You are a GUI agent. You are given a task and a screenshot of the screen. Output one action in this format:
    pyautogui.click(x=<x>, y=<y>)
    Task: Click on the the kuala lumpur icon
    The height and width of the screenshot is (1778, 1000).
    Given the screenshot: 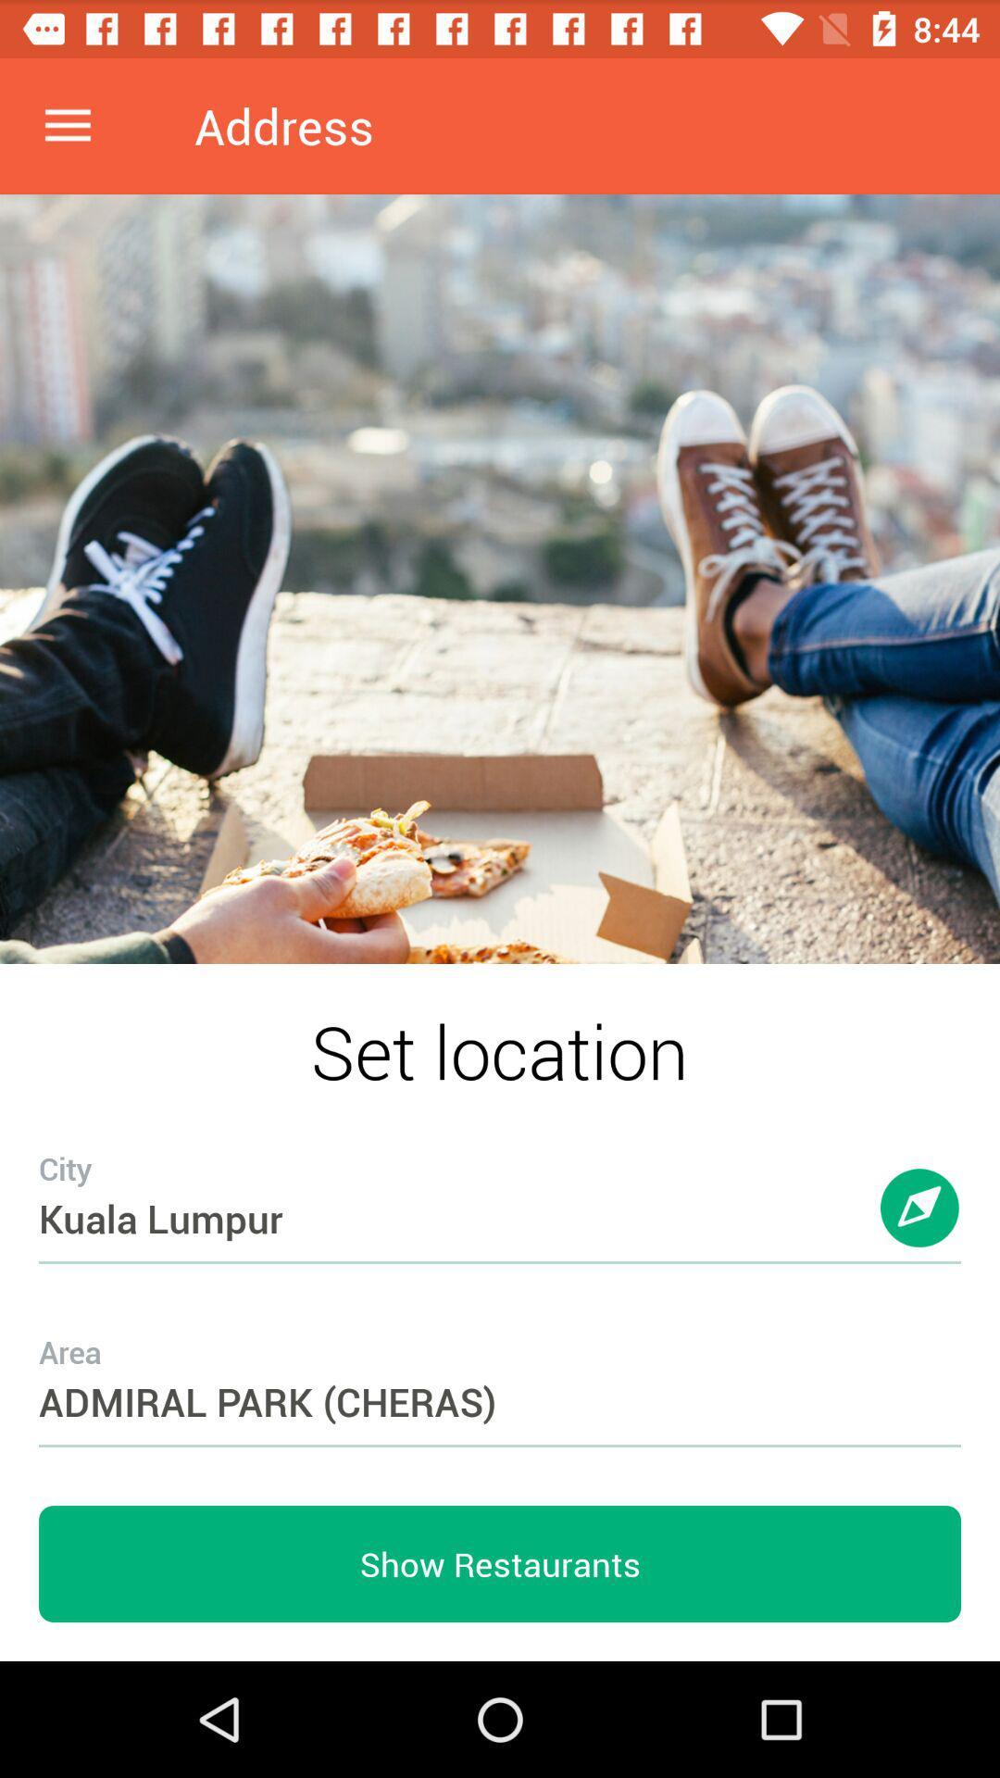 What is the action you would take?
    pyautogui.click(x=500, y=1181)
    